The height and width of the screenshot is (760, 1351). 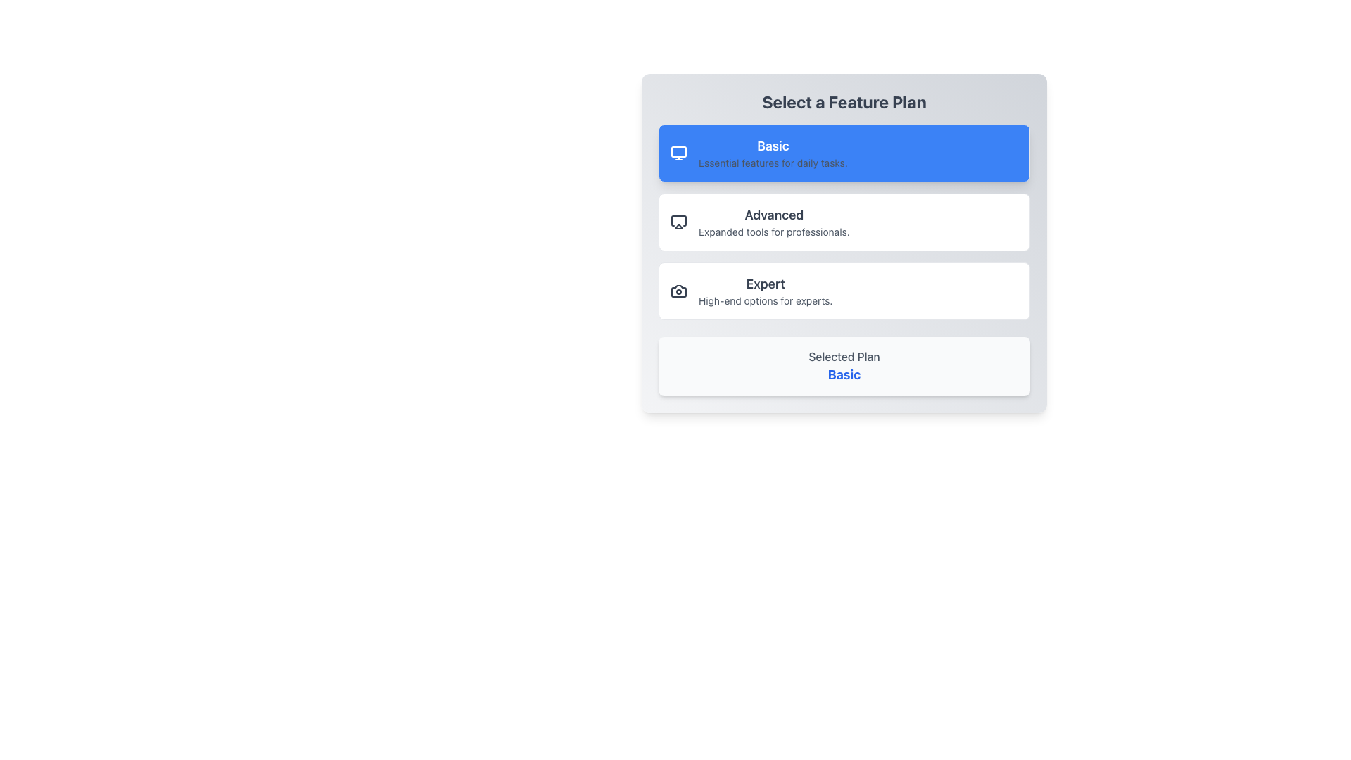 I want to click on the text information about the 'Advanced' feature plan, which is represented by a bold 'Advanced' label and a smaller description below it, centered within a white rounded rectangle, so click(x=773, y=222).